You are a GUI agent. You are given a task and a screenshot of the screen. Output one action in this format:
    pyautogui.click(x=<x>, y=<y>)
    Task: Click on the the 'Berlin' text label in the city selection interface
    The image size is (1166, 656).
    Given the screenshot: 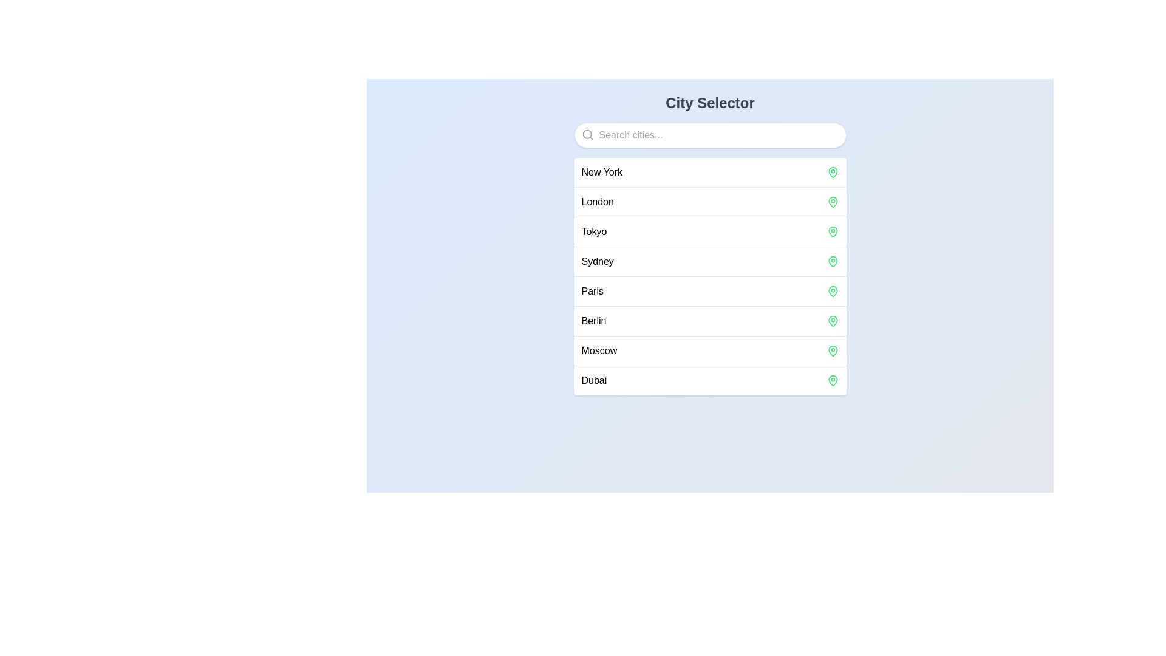 What is the action you would take?
    pyautogui.click(x=593, y=320)
    